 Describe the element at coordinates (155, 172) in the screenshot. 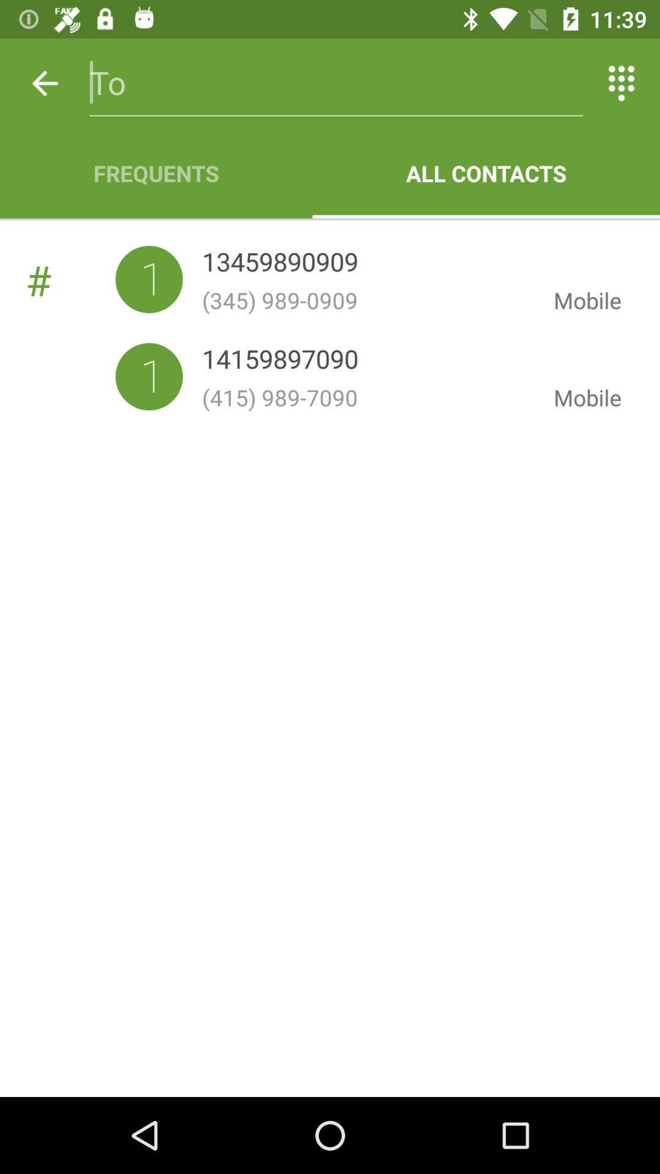

I see `the icon to the left of all contacts item` at that location.